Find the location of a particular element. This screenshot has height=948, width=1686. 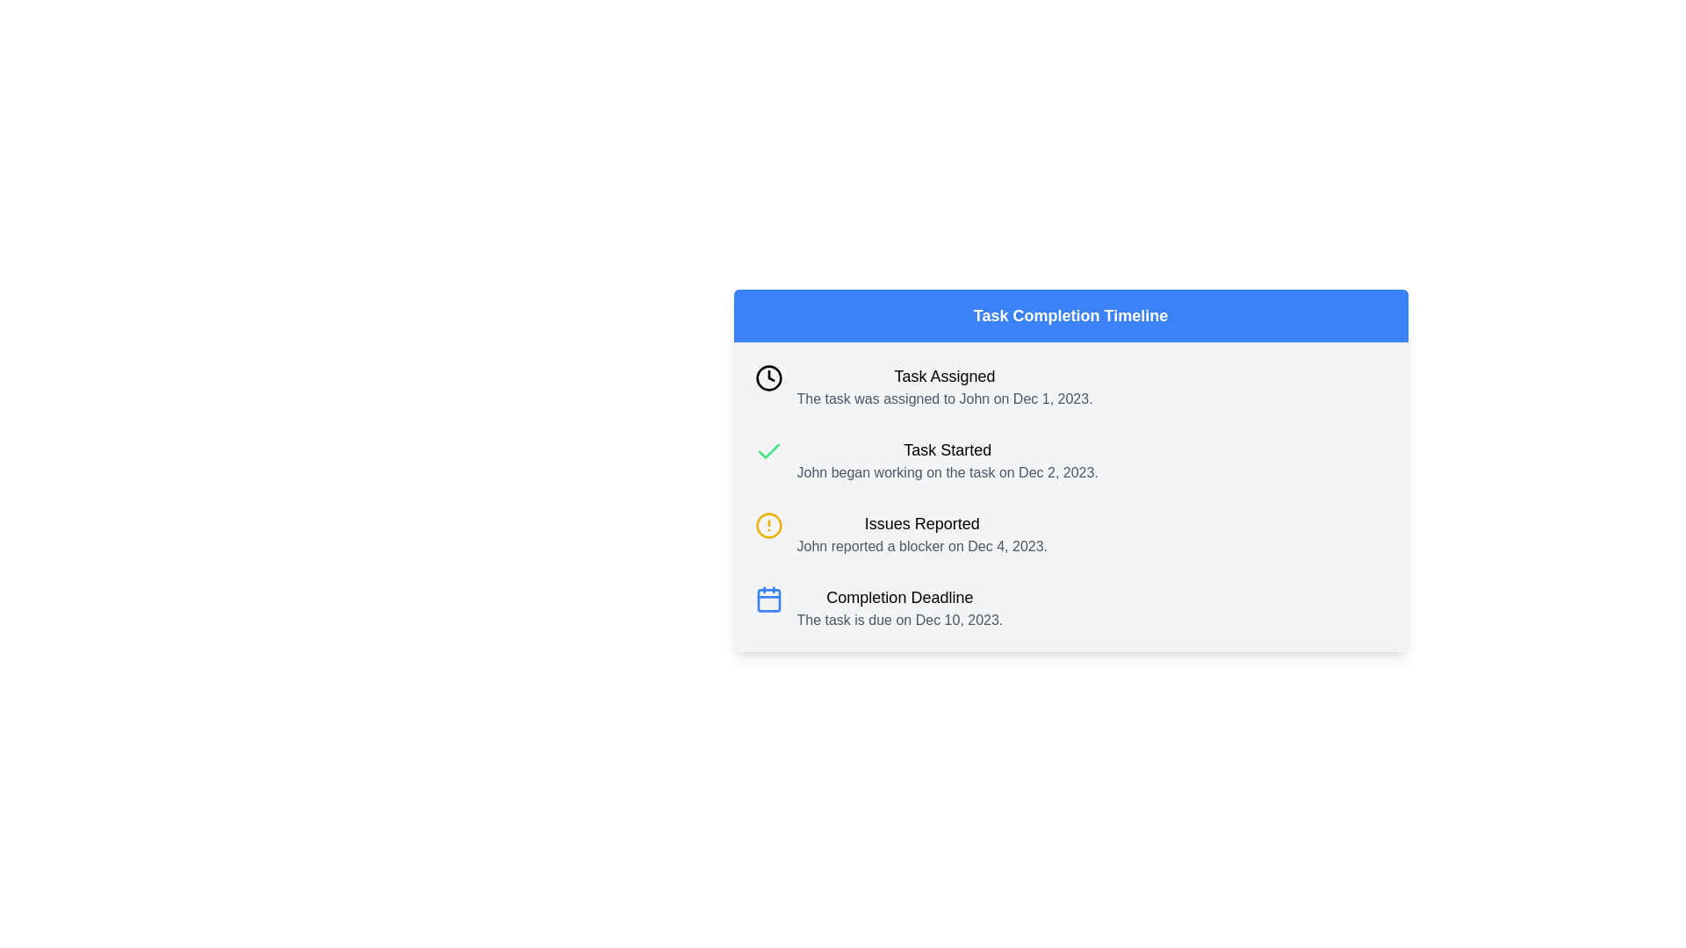

the 'Issues Reported' text label, which is styled with a larger font size and bold weight, located in the timeline layout above the text 'John reported a blocker on Dec 4, 2023.' is located at coordinates (921, 523).